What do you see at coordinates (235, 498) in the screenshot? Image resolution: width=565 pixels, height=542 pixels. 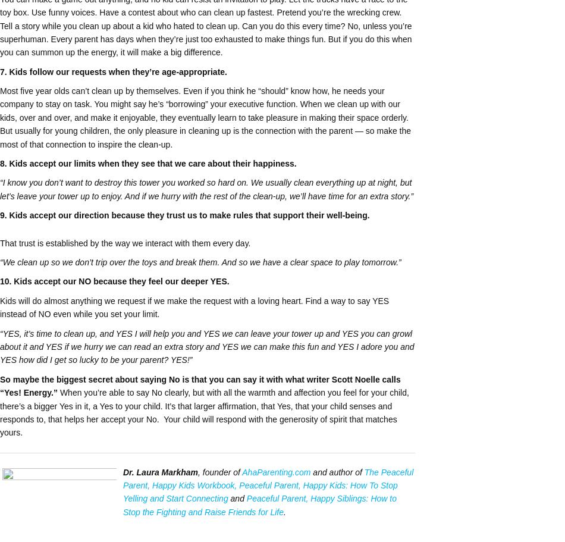 I see `'and'` at bounding box center [235, 498].